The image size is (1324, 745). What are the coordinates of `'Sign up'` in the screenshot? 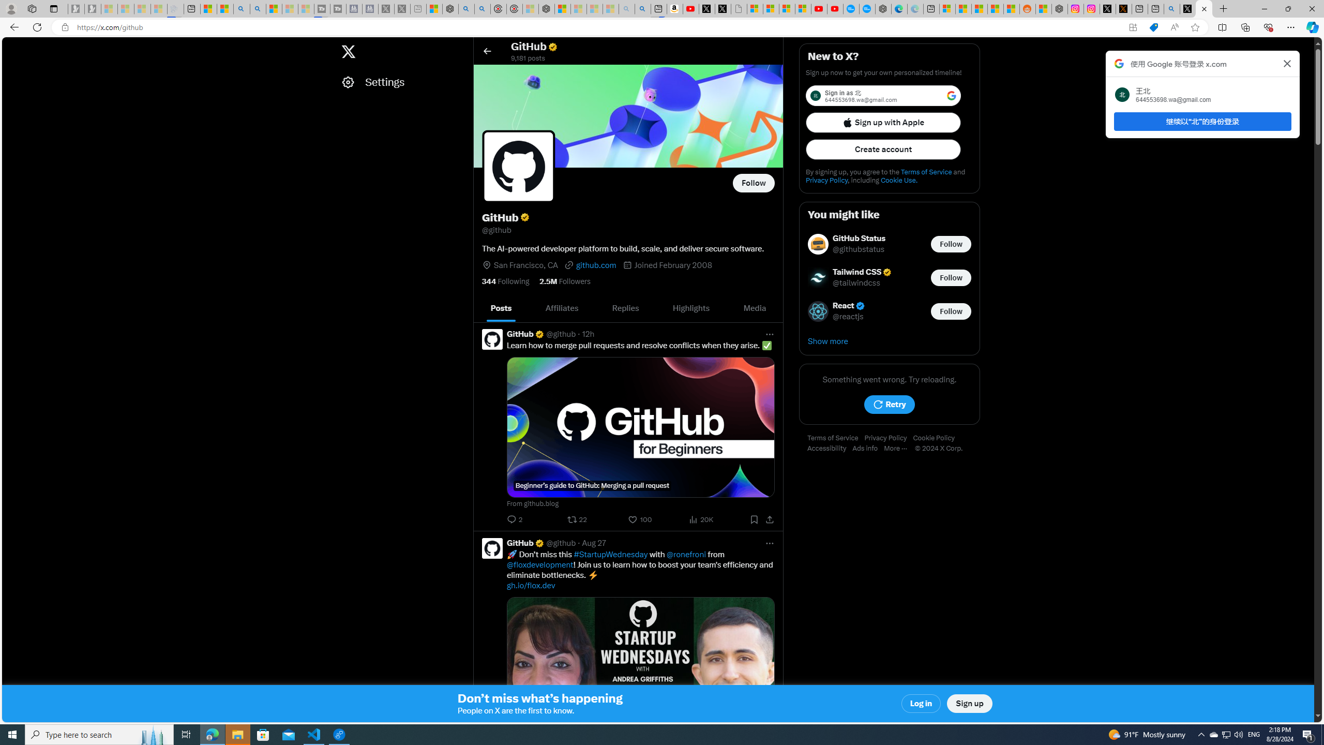 It's located at (970, 703).